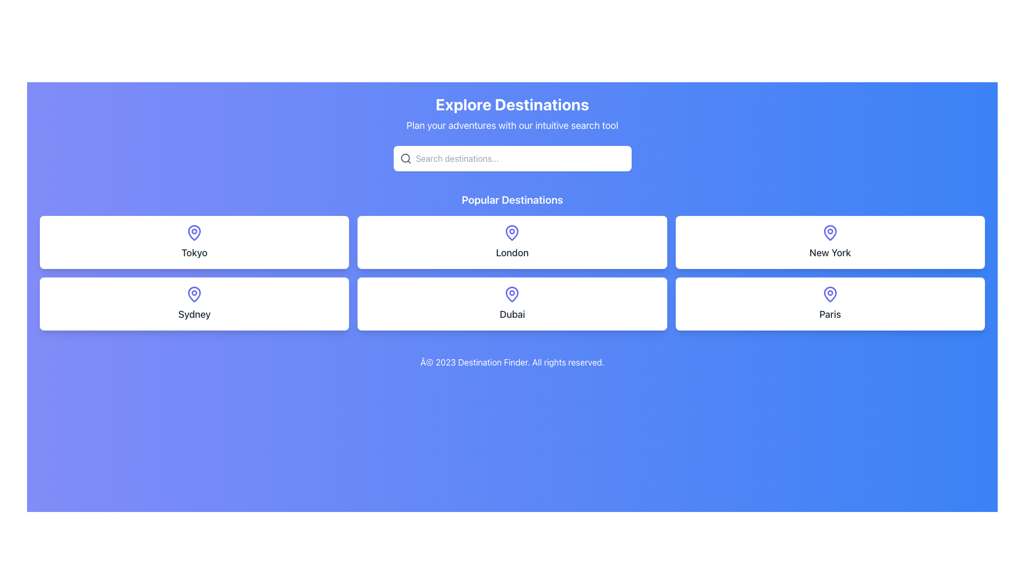 The image size is (1020, 573). I want to click on the Card element with a white background, rounded corners, and a map pin icon for 'London' positioned in the second column of the grid layout, so click(512, 242).